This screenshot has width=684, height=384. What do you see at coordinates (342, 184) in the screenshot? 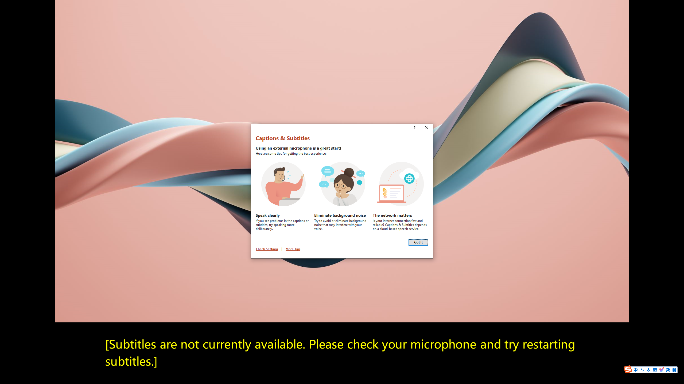
I see `'Person gesturing for people nearby to be quiet'` at bounding box center [342, 184].